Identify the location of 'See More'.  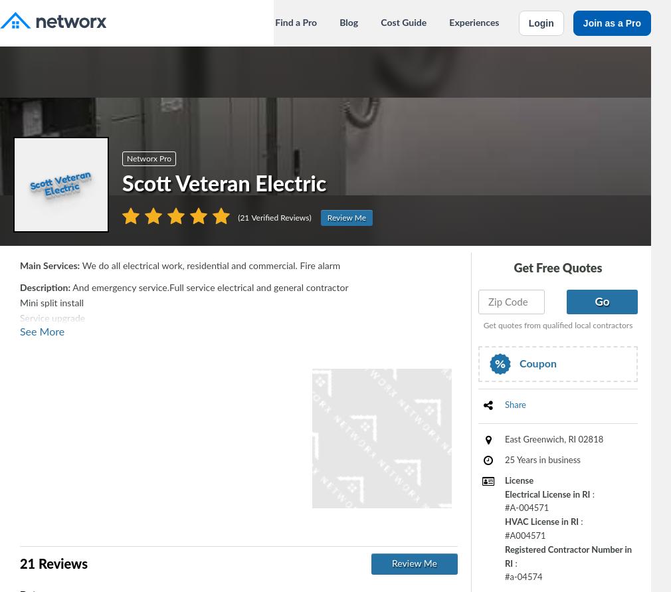
(41, 332).